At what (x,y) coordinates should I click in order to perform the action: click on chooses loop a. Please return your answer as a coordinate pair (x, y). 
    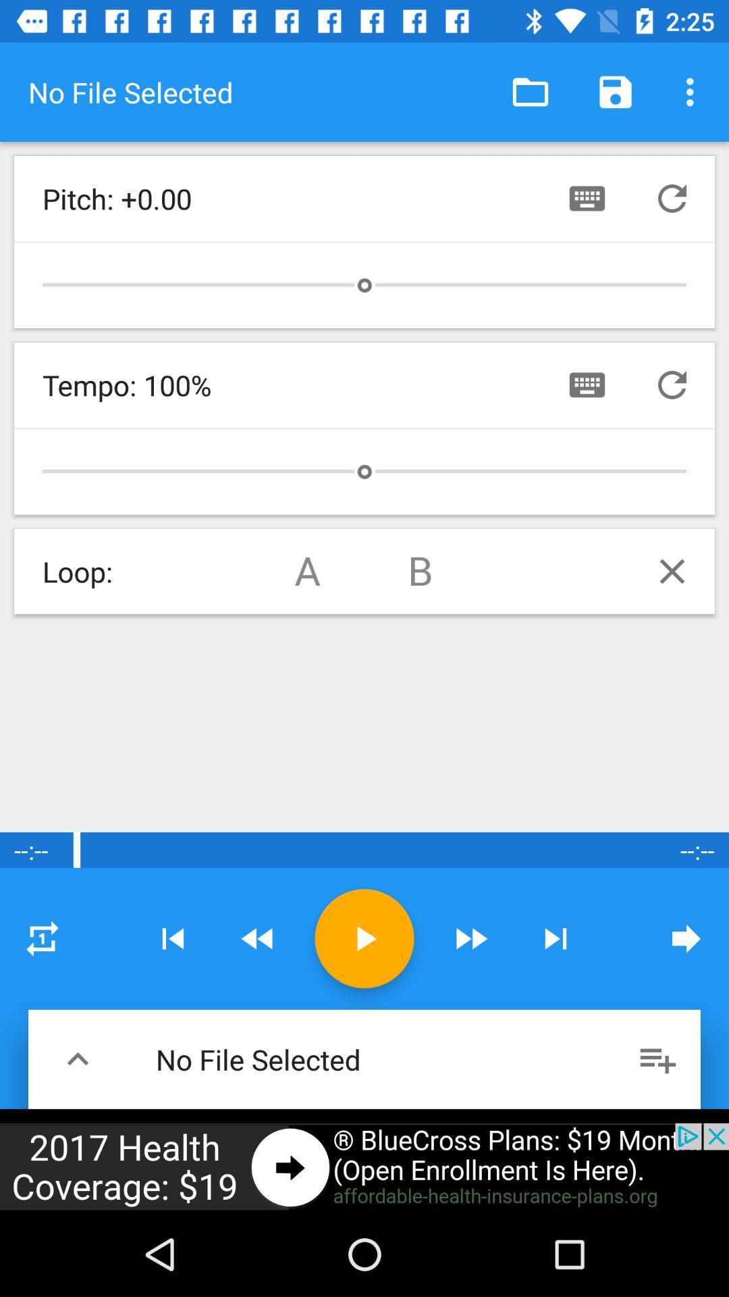
    Looking at the image, I should click on (307, 571).